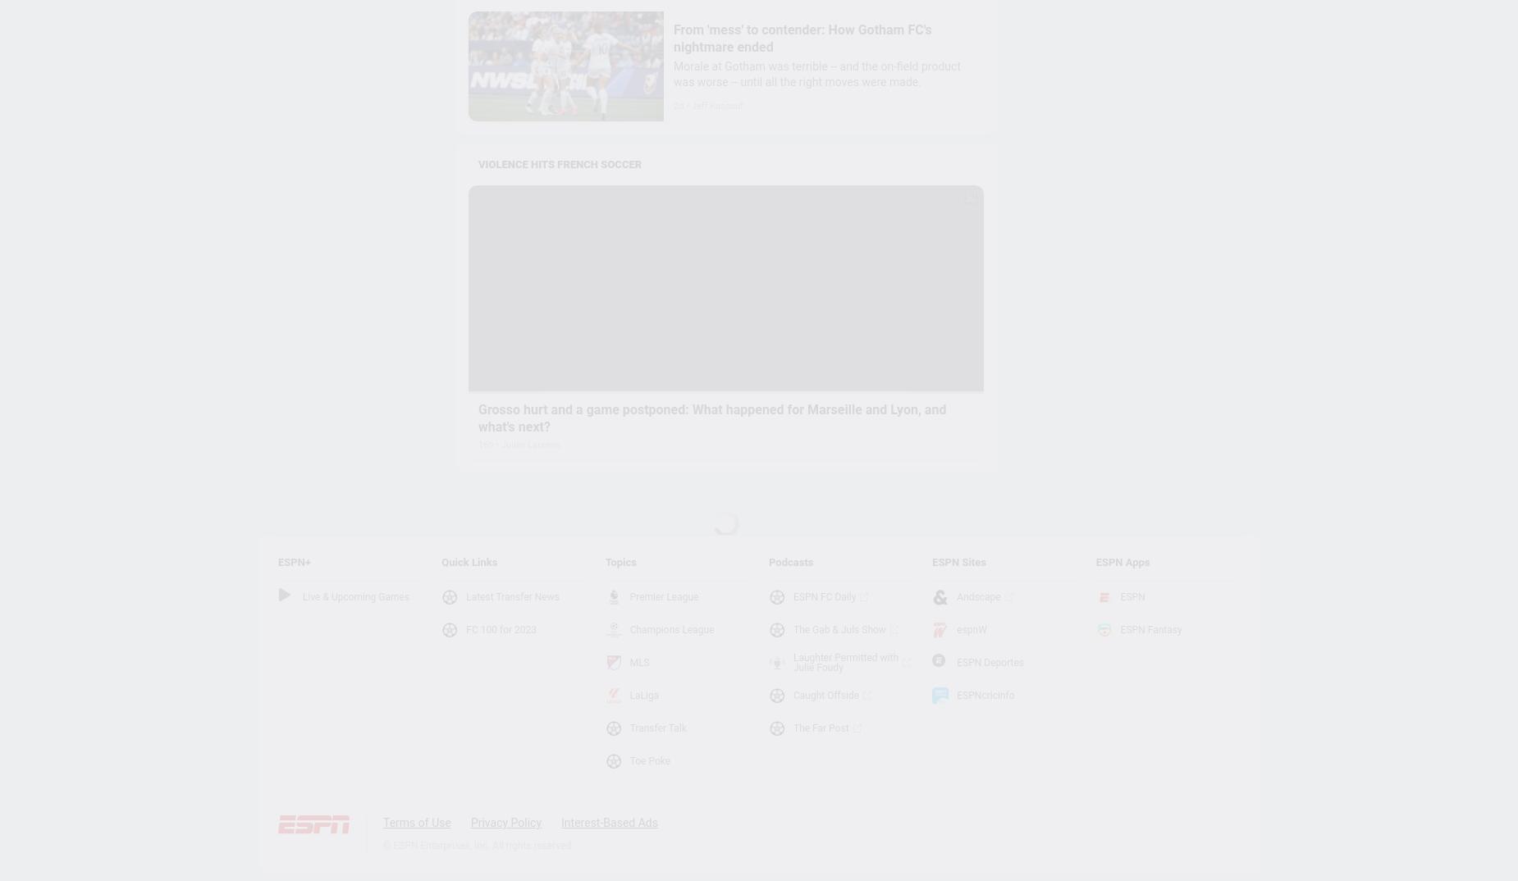 This screenshot has height=881, width=1518. What do you see at coordinates (592, 163) in the screenshot?
I see `'VIOLENCE HITS FRENCH SOCCER'` at bounding box center [592, 163].